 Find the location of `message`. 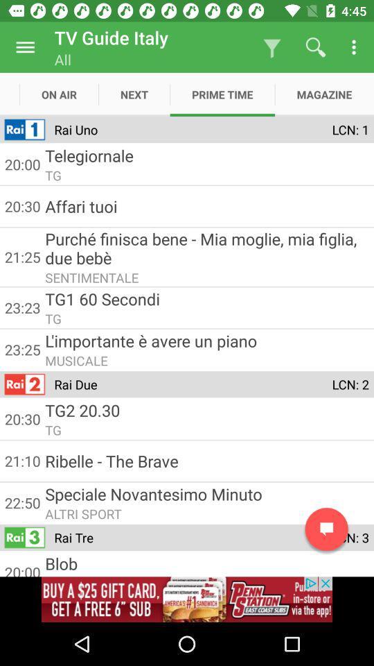

message is located at coordinates (326, 529).